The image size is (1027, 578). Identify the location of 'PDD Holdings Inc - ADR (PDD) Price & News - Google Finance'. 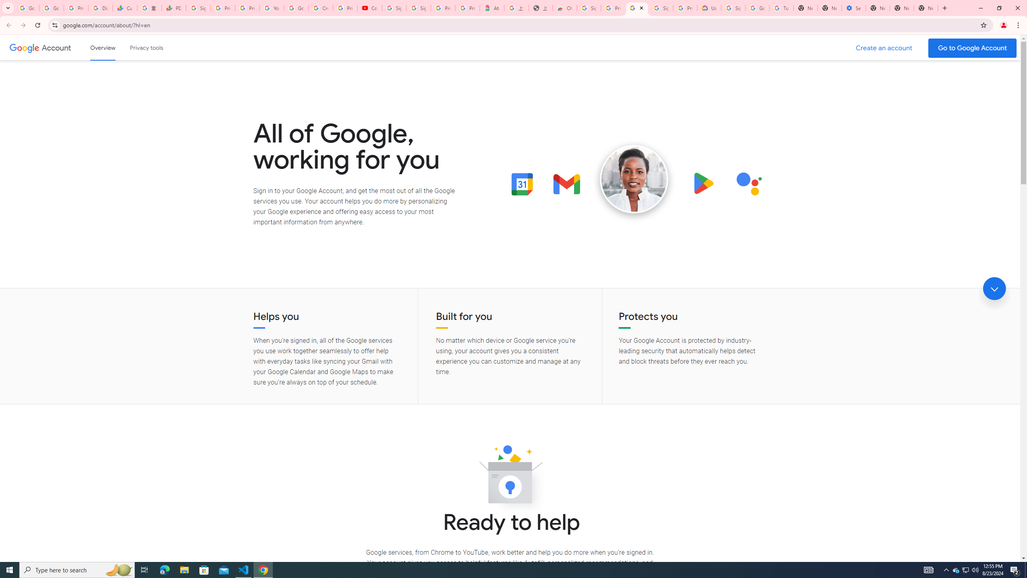
(173, 8).